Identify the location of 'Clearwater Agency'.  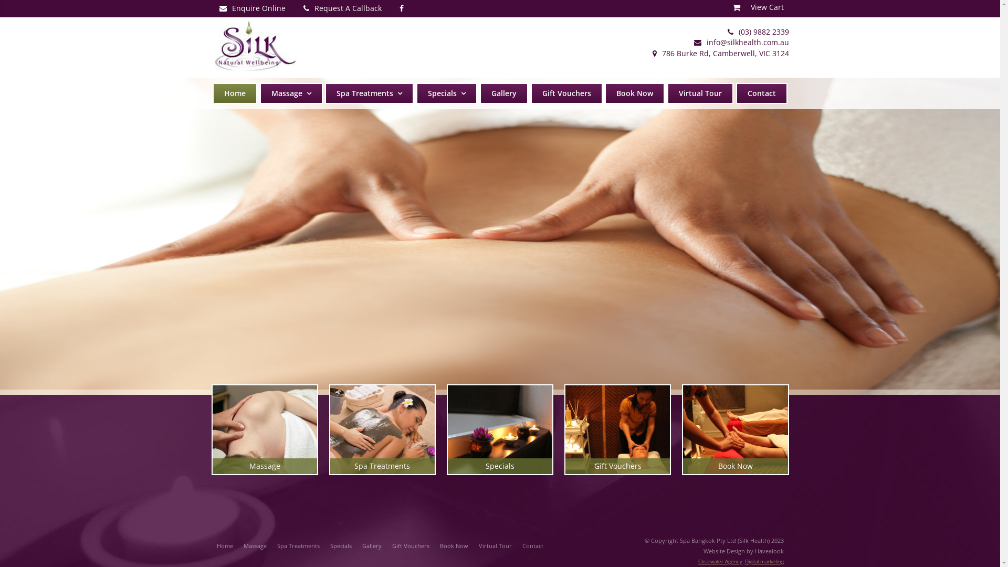
(720, 560).